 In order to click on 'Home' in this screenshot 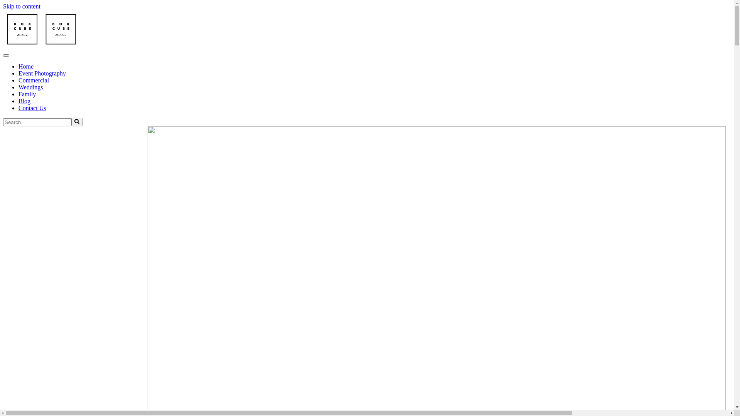, I will do `click(26, 66)`.